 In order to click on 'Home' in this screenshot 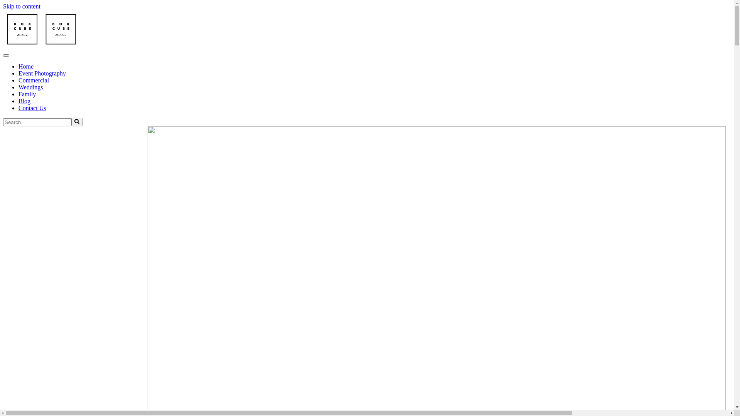, I will do `click(26, 66)`.